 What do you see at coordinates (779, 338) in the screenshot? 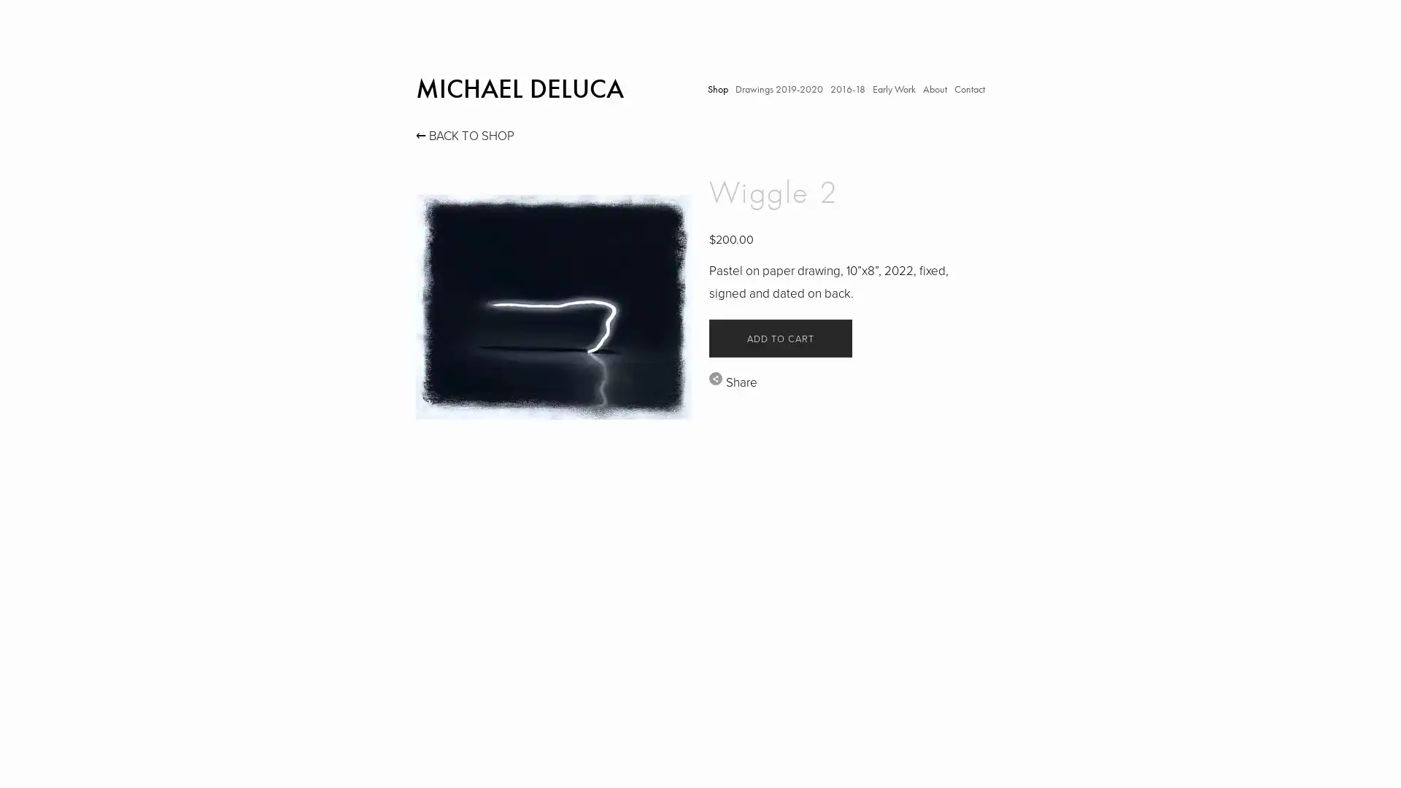
I see `ADD TO CART` at bounding box center [779, 338].